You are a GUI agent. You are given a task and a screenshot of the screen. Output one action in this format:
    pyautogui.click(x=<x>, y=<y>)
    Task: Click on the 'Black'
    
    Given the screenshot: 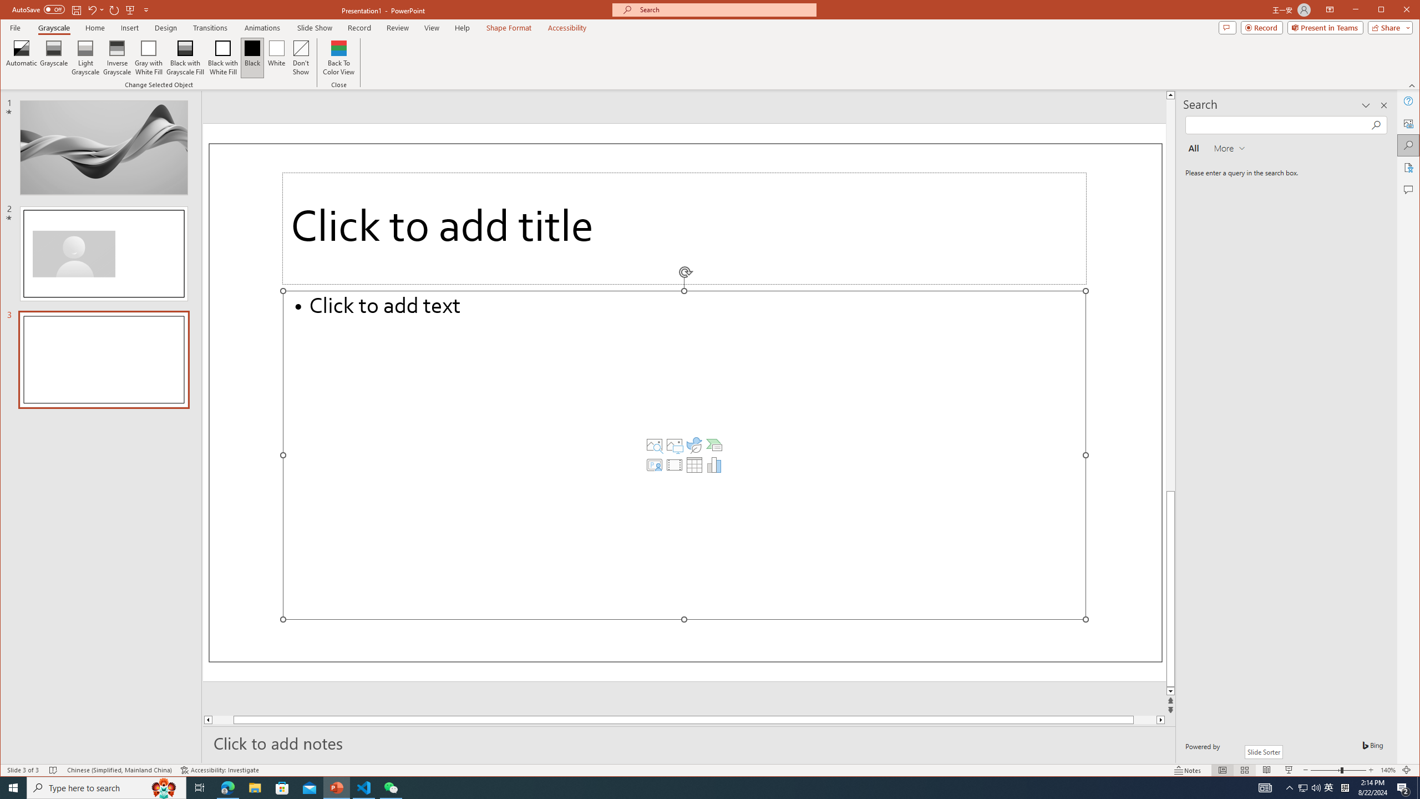 What is the action you would take?
    pyautogui.click(x=252, y=57)
    